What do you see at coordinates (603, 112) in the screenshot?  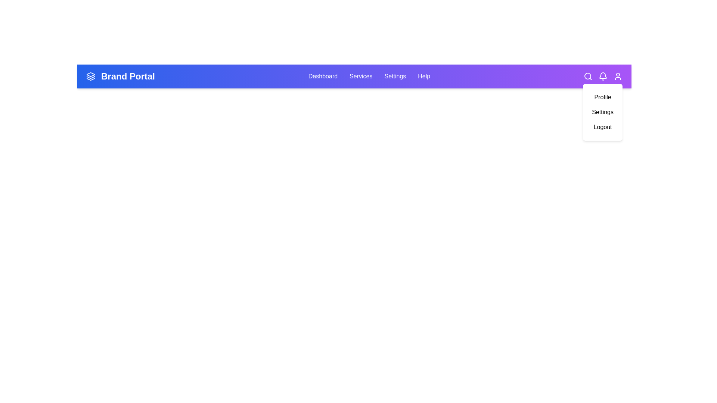 I see `to select the 'Settings' option in the dropdown menu located at the top-right corner of the interface` at bounding box center [603, 112].